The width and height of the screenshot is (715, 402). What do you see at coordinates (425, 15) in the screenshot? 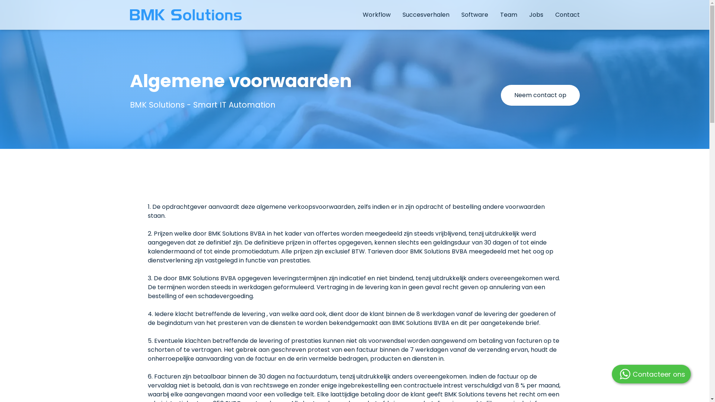
I see `'Succesverhalen'` at bounding box center [425, 15].